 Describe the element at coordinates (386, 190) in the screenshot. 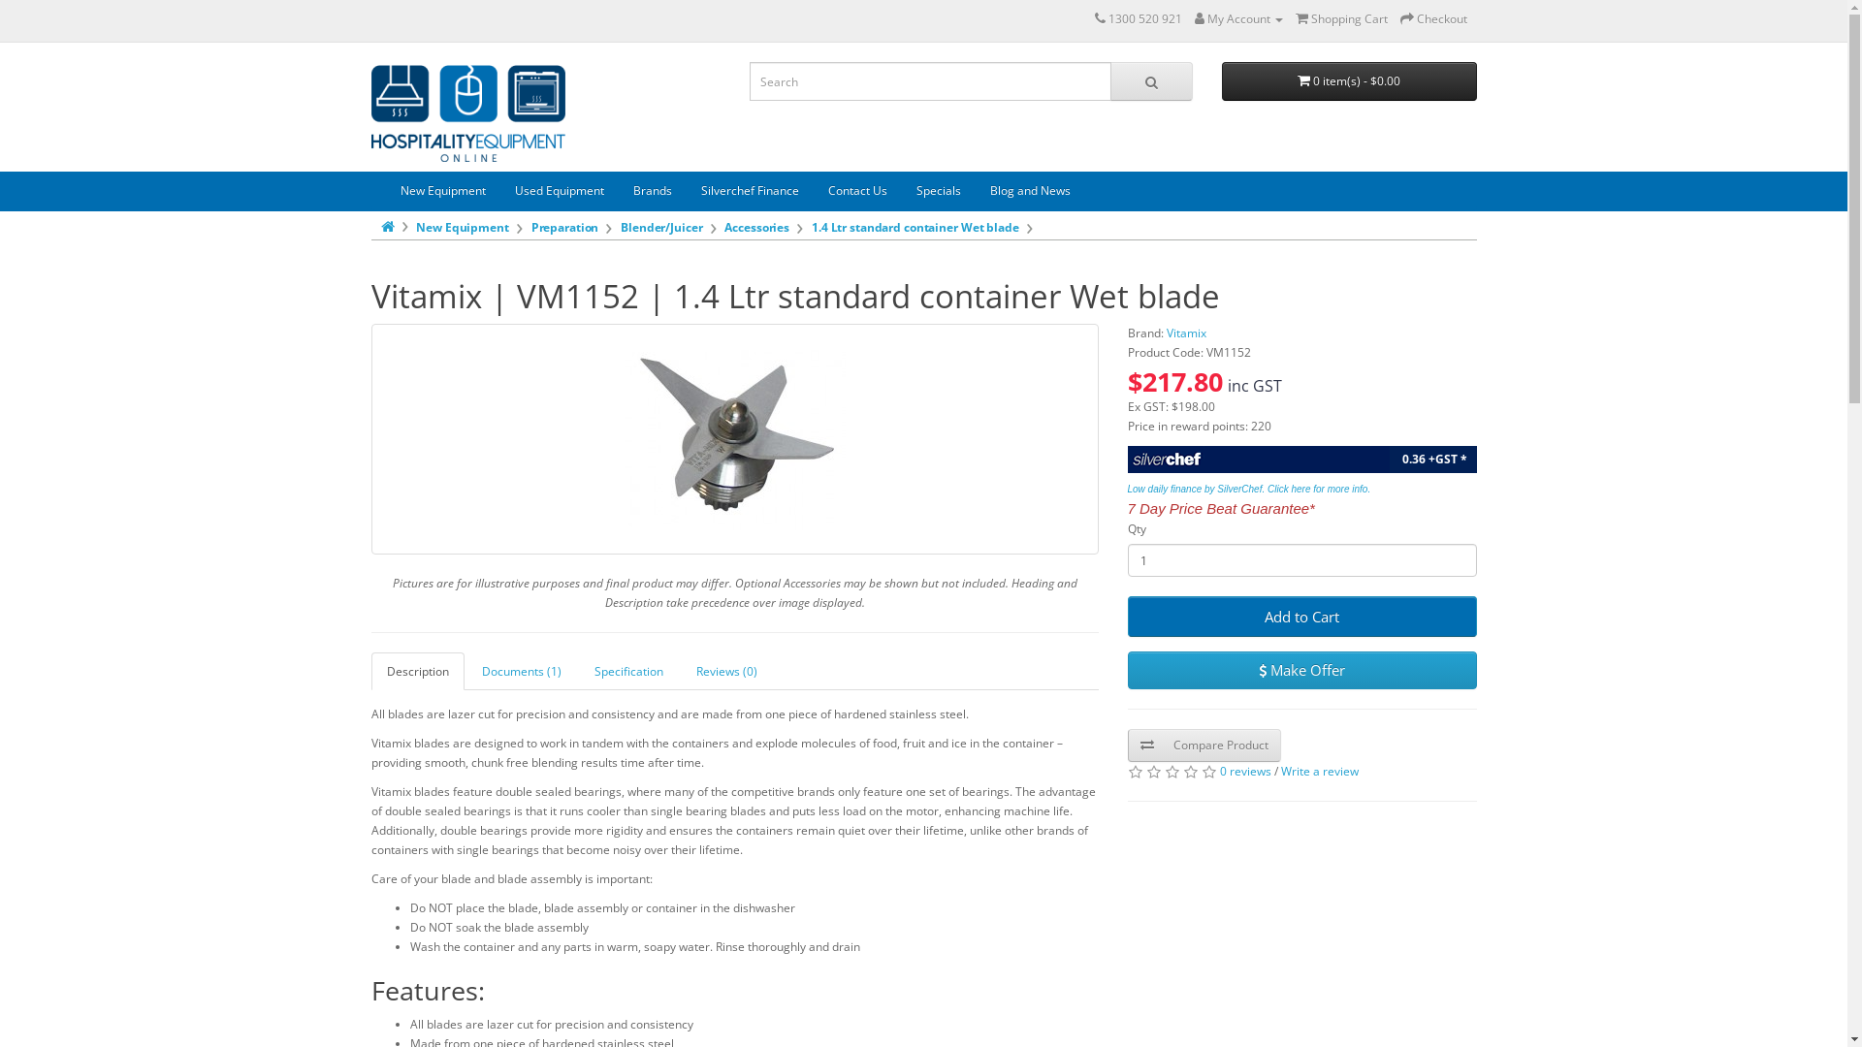

I see `'New Equipment'` at that location.